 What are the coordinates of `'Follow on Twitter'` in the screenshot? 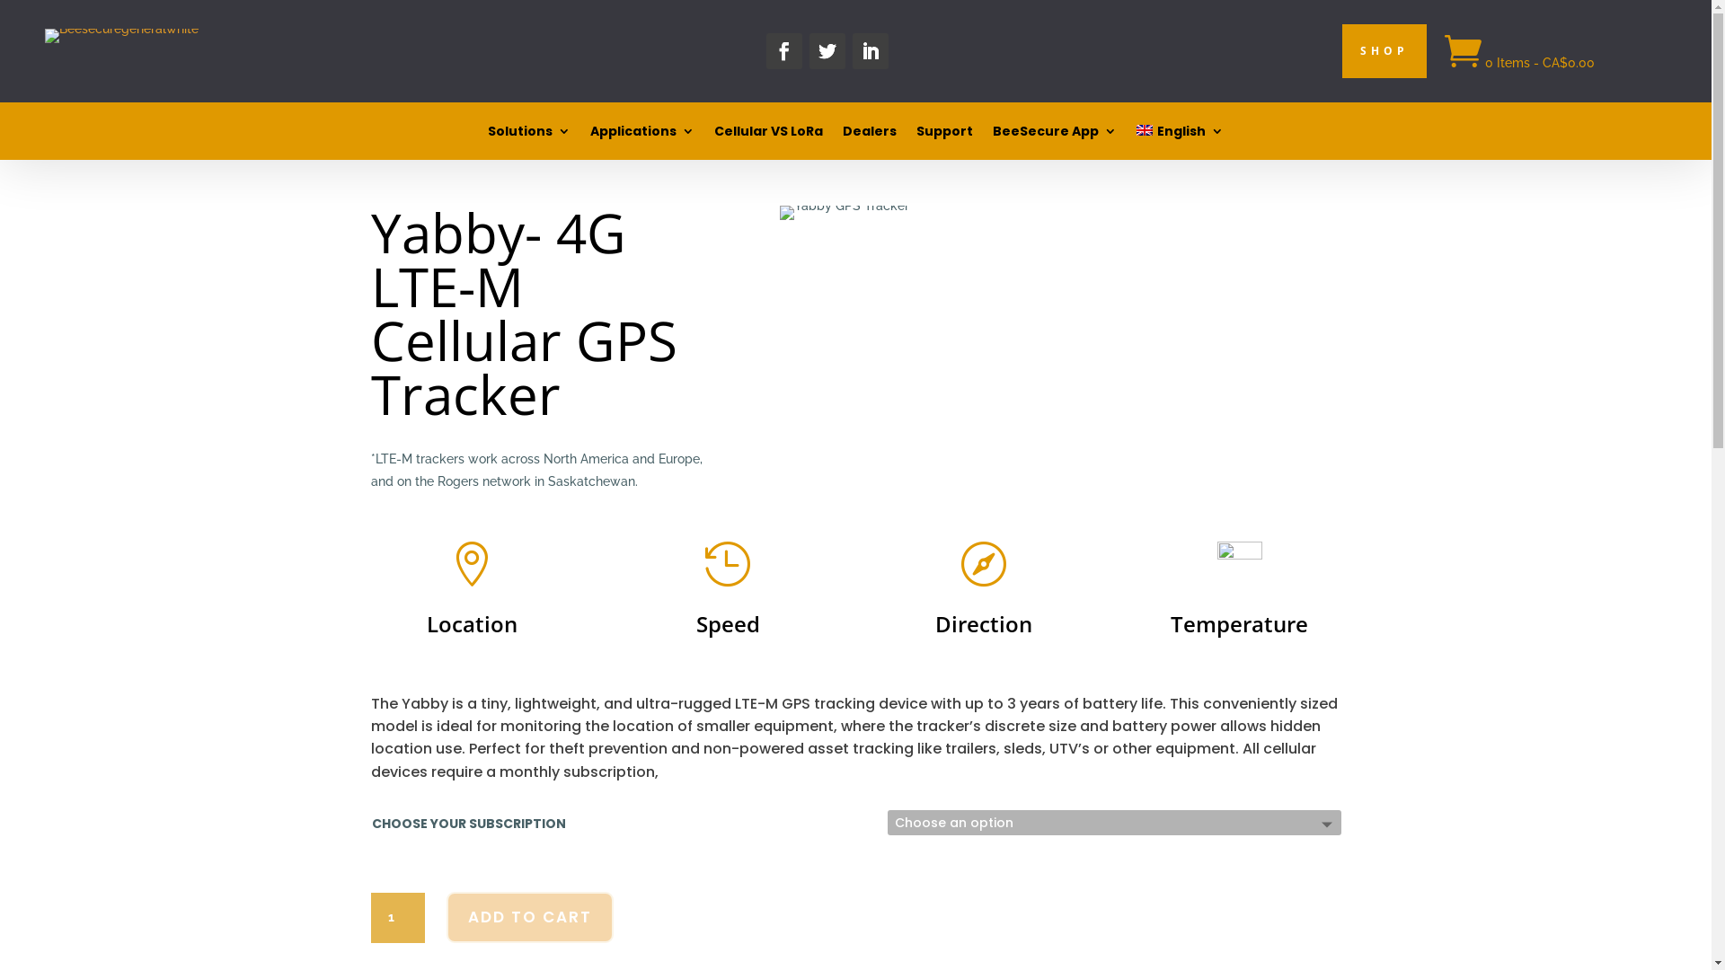 It's located at (826, 50).